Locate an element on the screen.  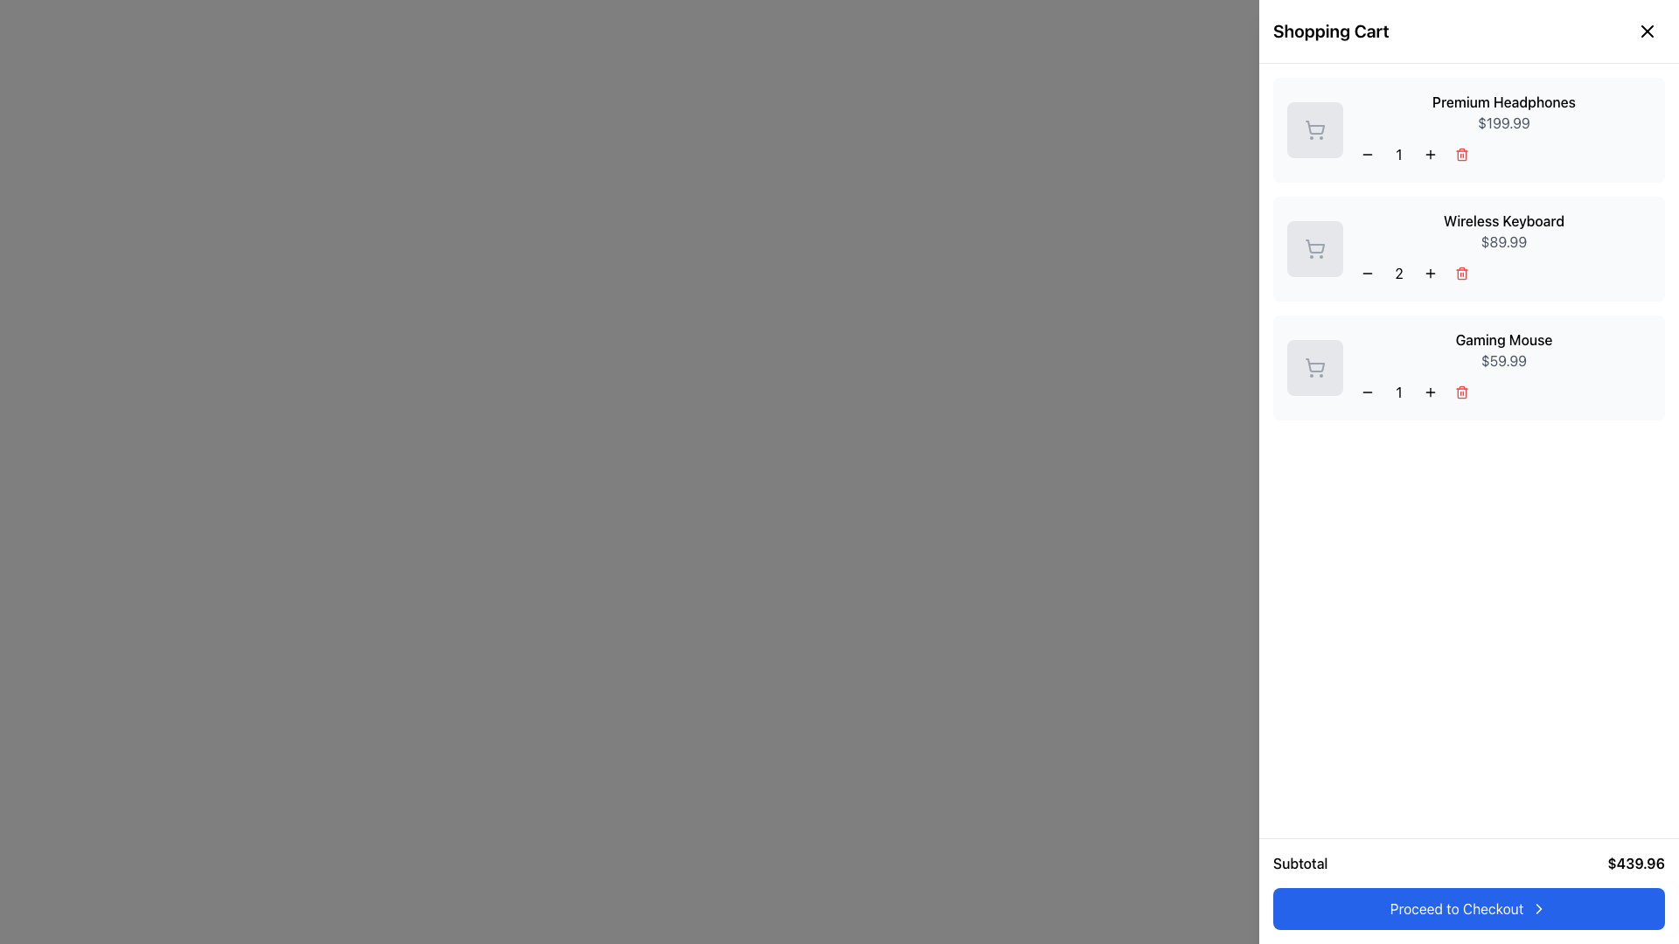
the Text label that displays the name of the shopping cart item, located above the price information of the second shopping item in the cart layout is located at coordinates (1502, 220).